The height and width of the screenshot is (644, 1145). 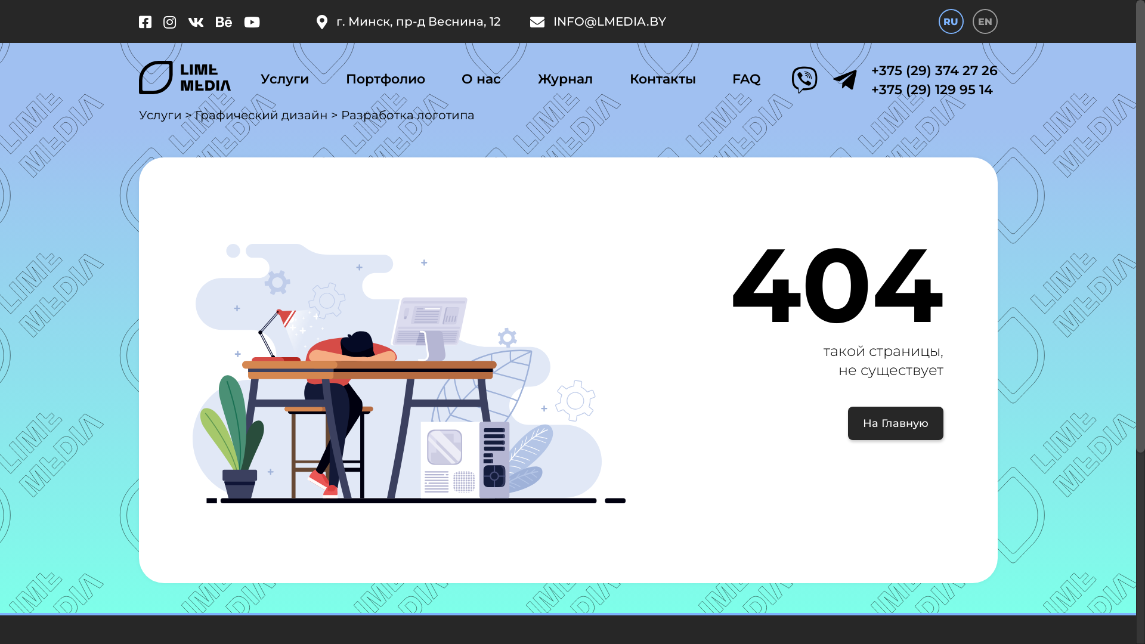 I want to click on '+375 (29) 129 95 14', so click(x=933, y=89).